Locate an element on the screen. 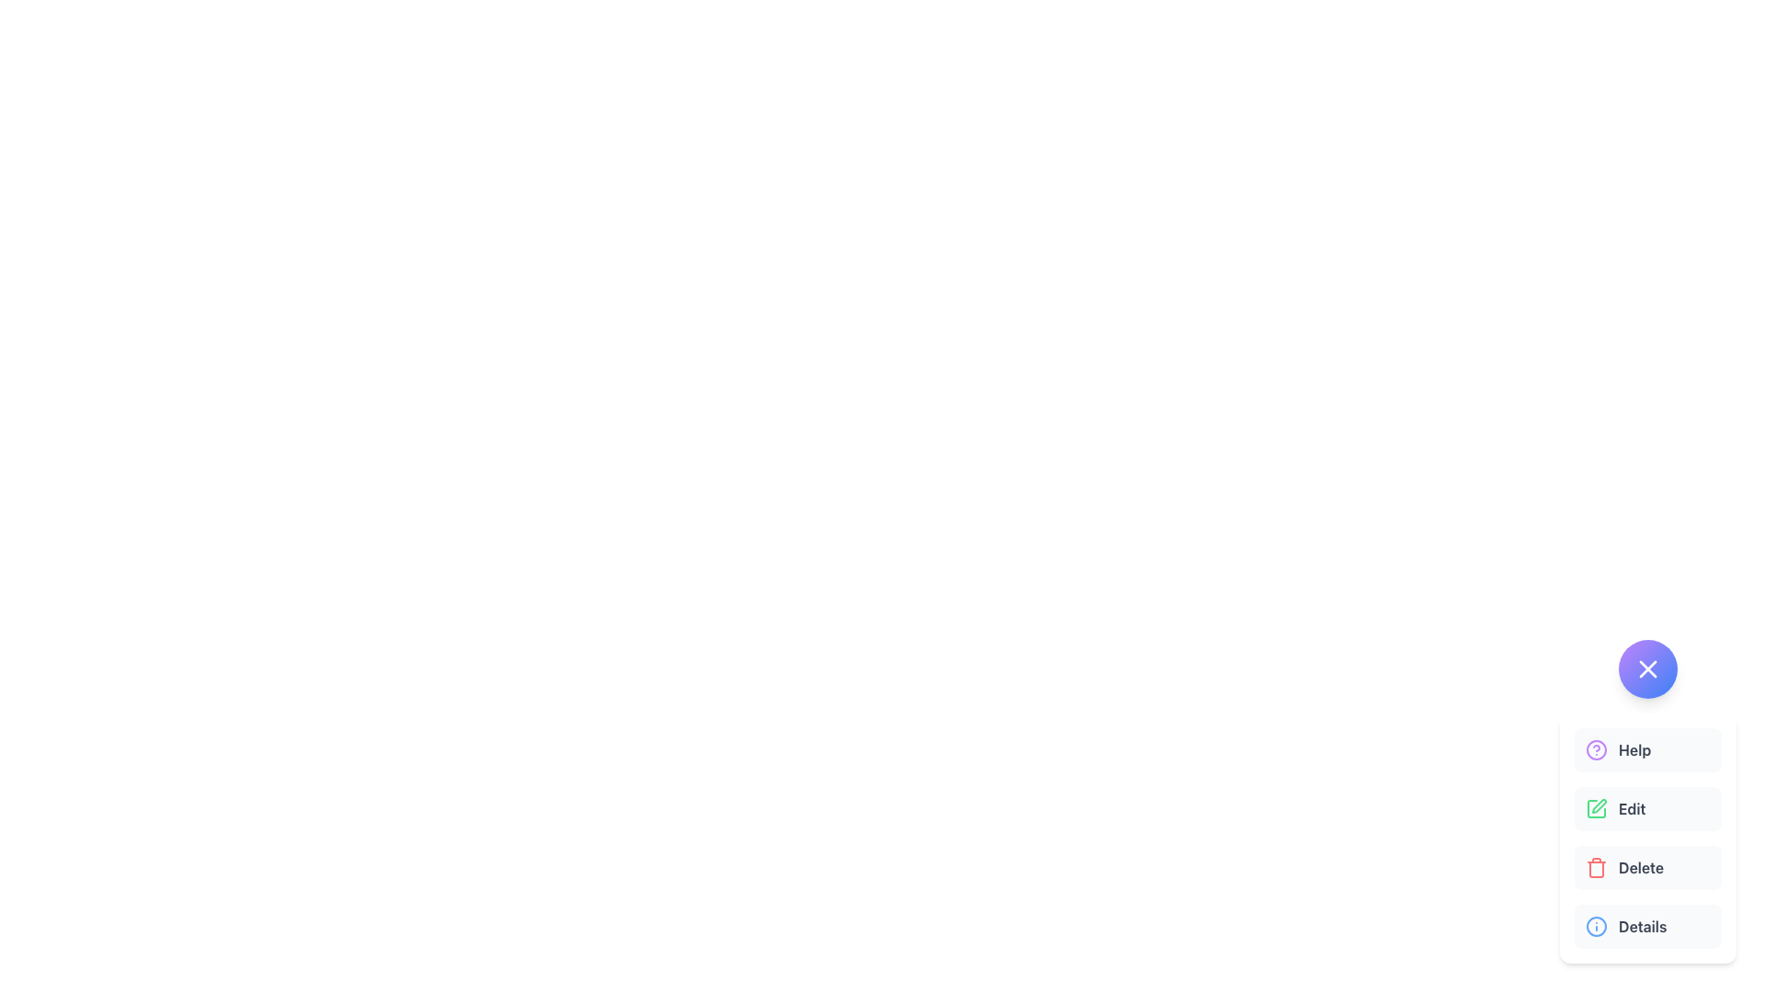 Image resolution: width=1766 pixels, height=993 pixels. the deletion button located in the dropdown menu, which is the third item in a vertical list is located at coordinates (1647, 868).